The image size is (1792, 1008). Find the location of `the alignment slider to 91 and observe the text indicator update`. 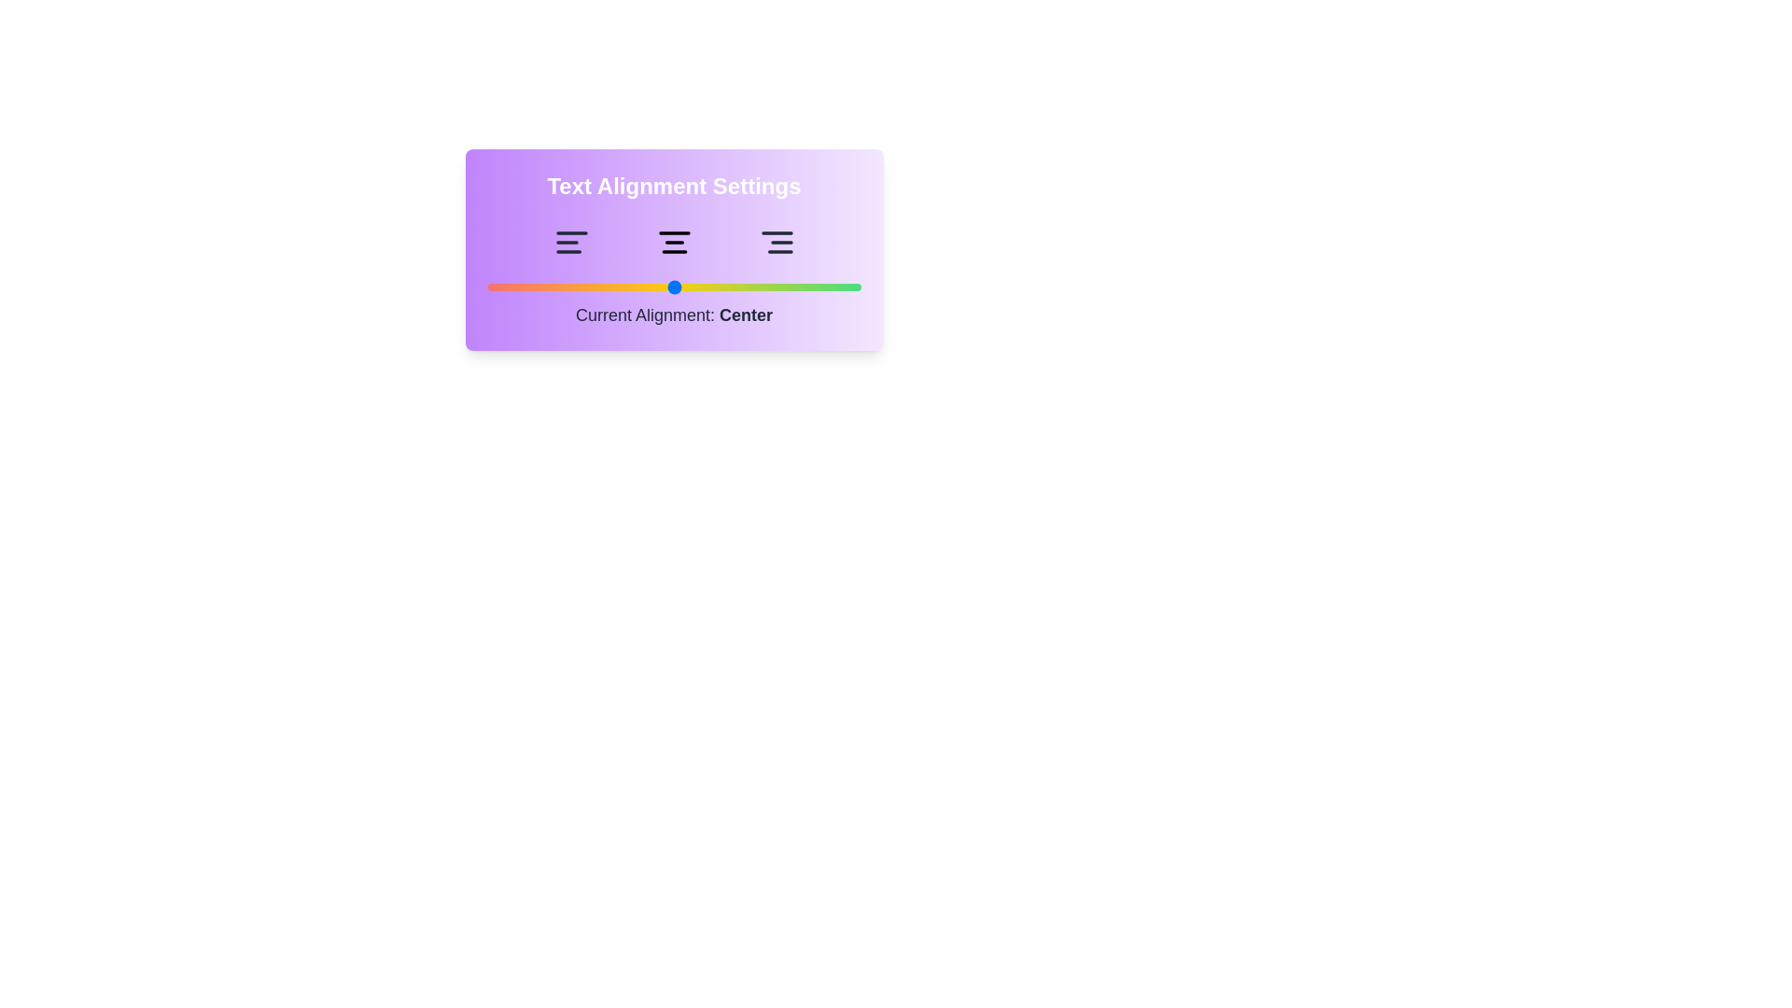

the alignment slider to 91 and observe the text indicator update is located at coordinates (826, 287).